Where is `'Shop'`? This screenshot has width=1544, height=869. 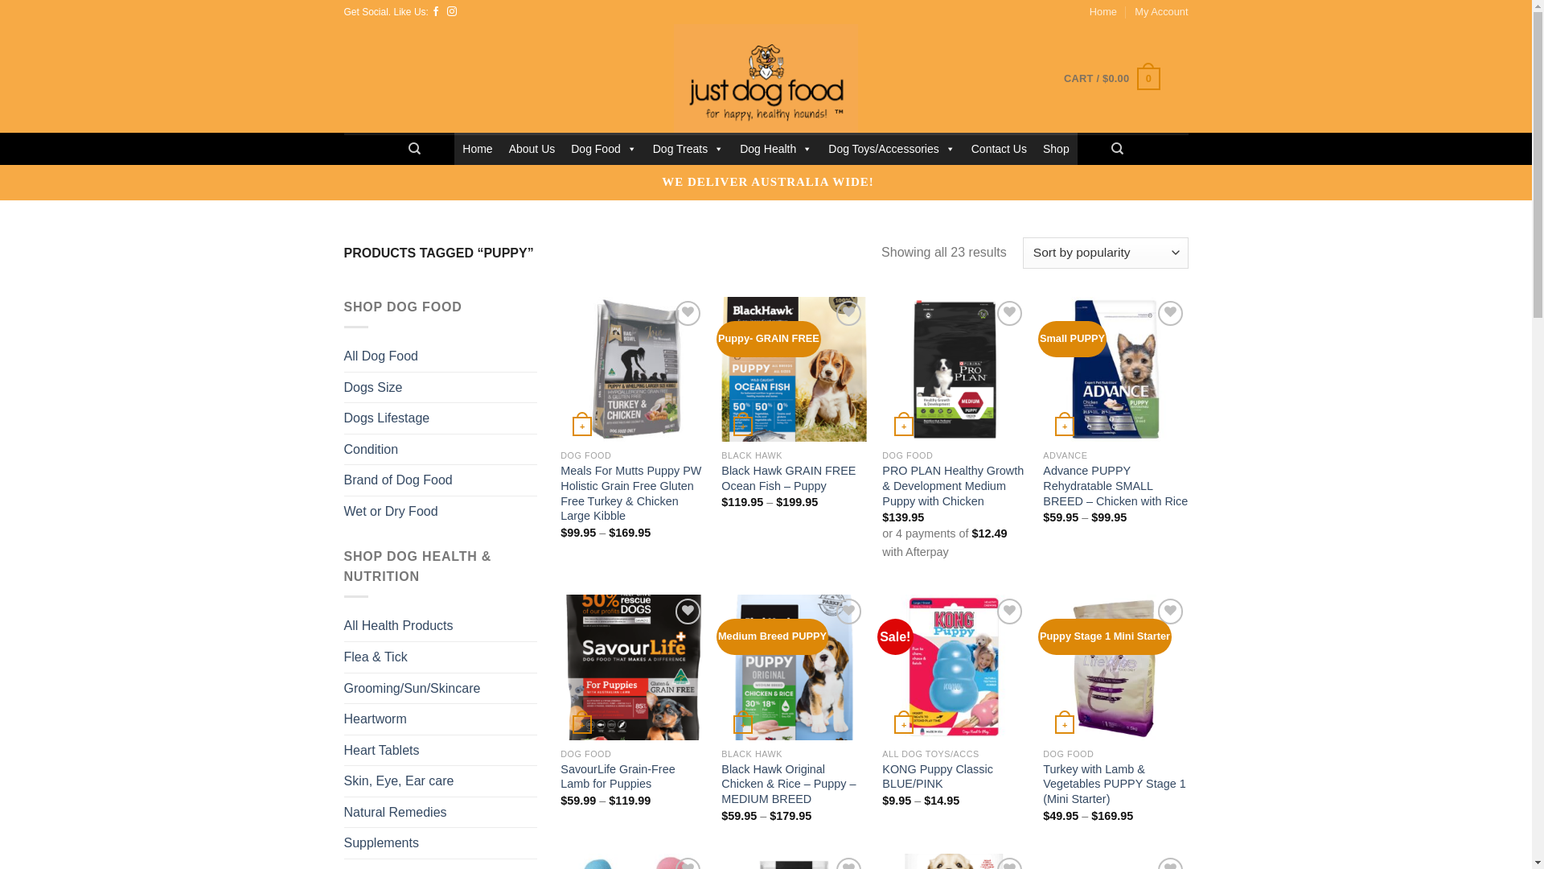 'Shop' is located at coordinates (1056, 149).